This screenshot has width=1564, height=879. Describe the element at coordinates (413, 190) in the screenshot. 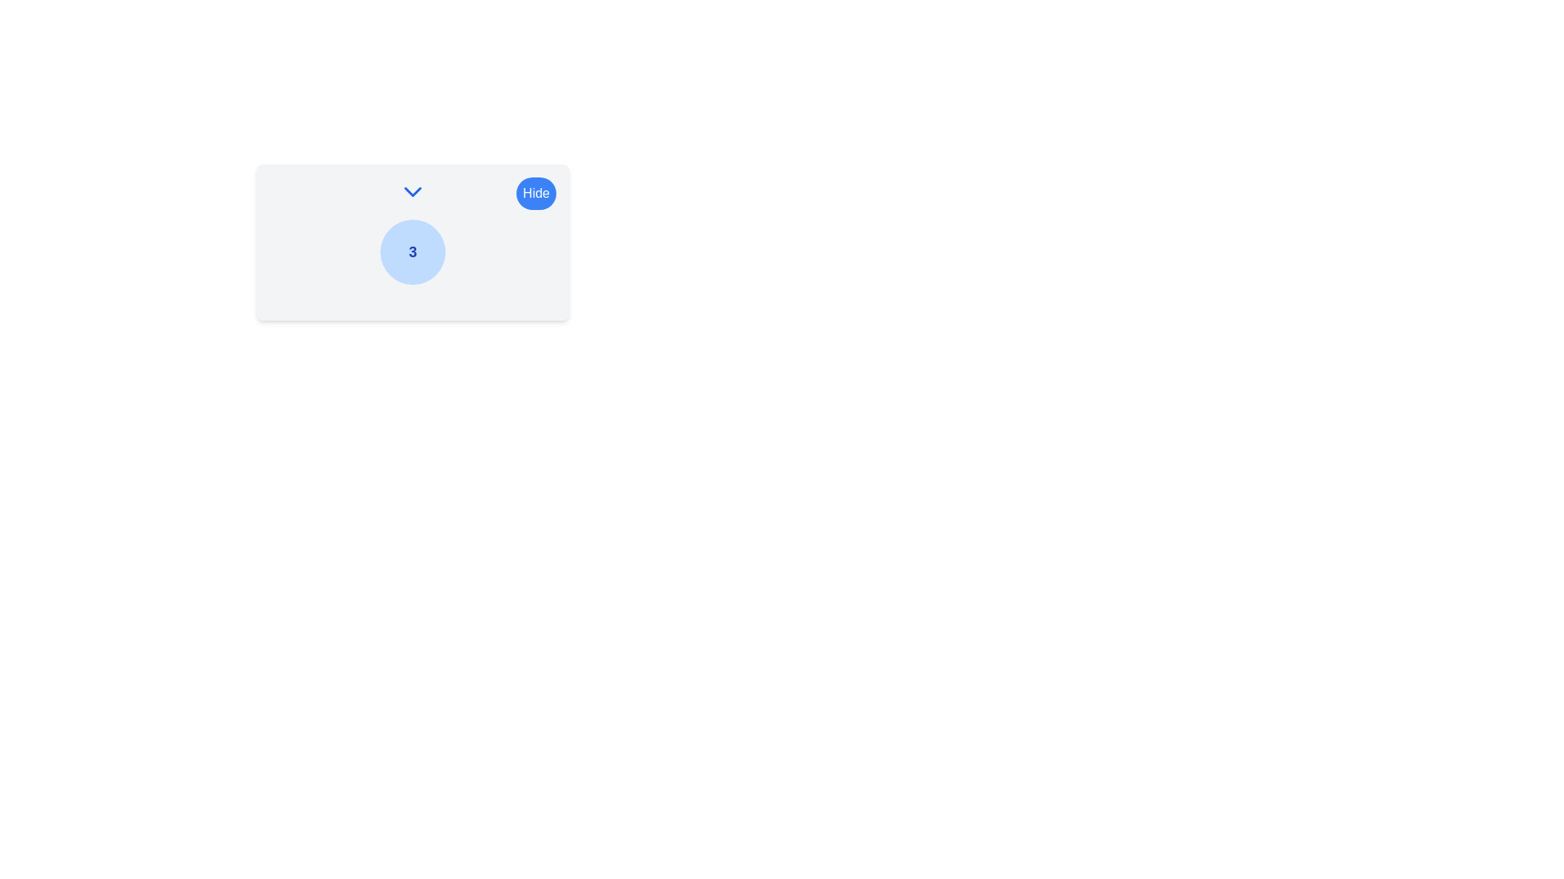

I see `the blue chevron-shaped arrow icon` at that location.